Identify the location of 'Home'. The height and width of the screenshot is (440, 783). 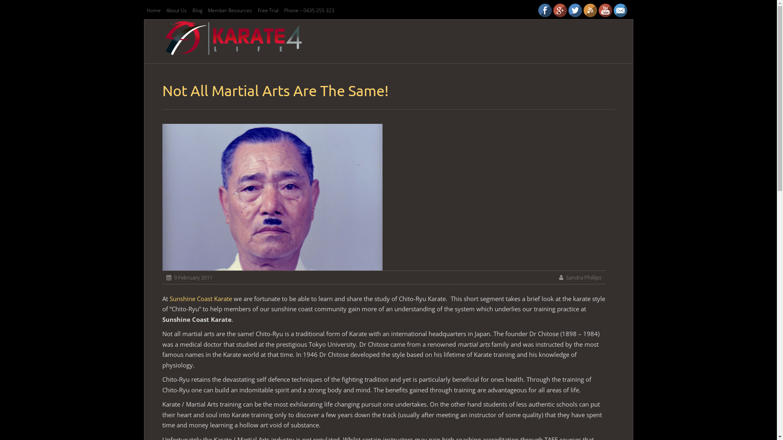
(153, 10).